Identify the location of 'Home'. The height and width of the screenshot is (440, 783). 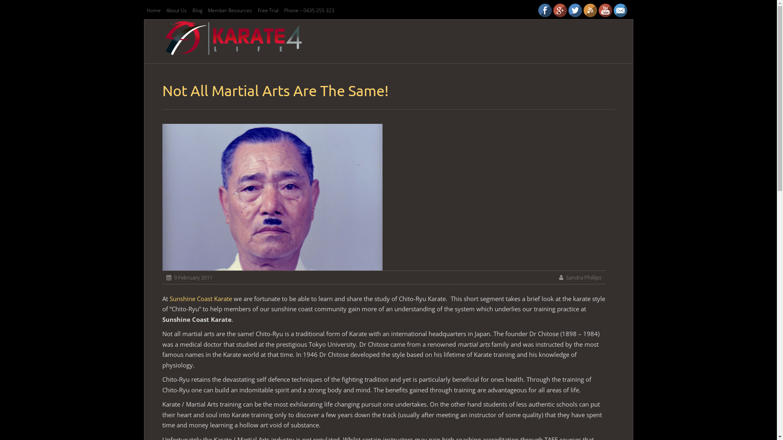
(153, 10).